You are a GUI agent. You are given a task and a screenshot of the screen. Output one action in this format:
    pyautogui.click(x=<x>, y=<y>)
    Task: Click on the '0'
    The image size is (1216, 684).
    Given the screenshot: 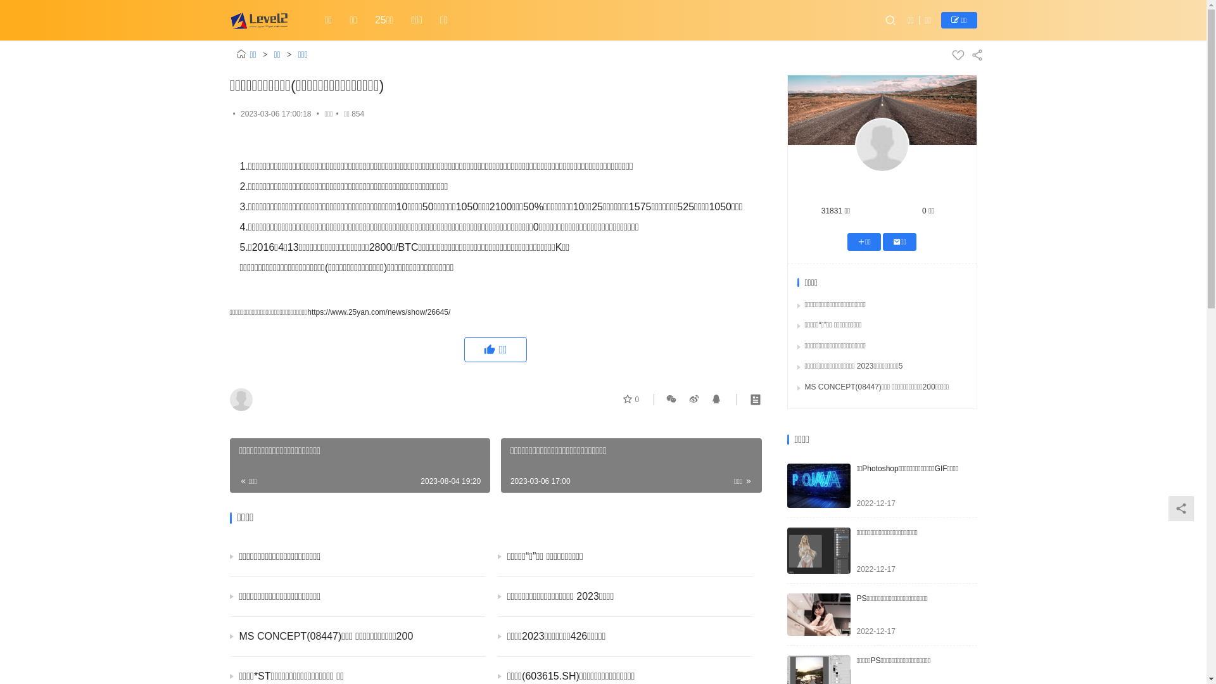 What is the action you would take?
    pyautogui.click(x=623, y=400)
    